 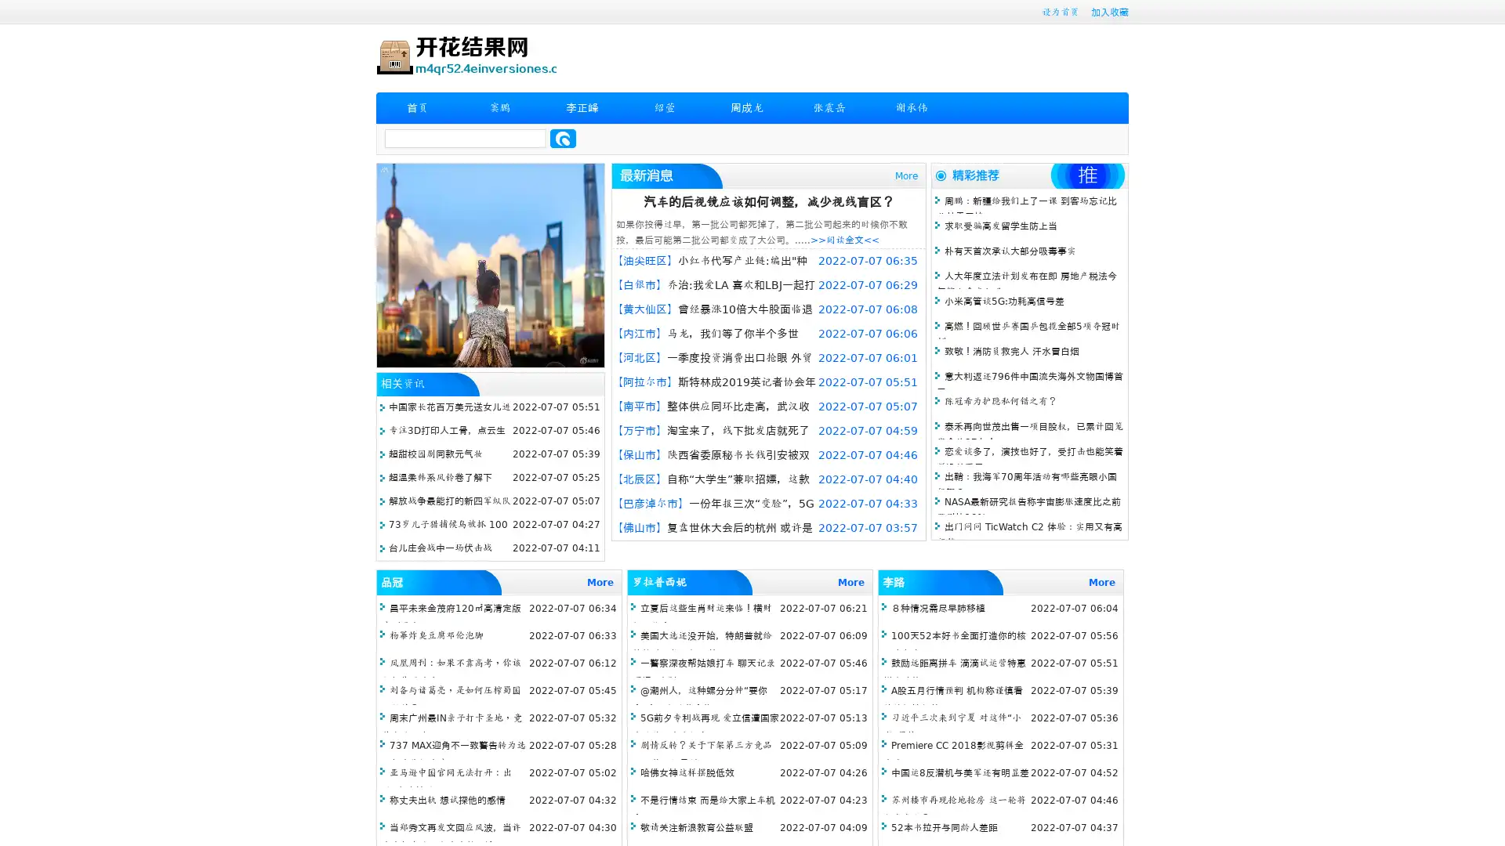 What do you see at coordinates (563, 138) in the screenshot?
I see `Search` at bounding box center [563, 138].